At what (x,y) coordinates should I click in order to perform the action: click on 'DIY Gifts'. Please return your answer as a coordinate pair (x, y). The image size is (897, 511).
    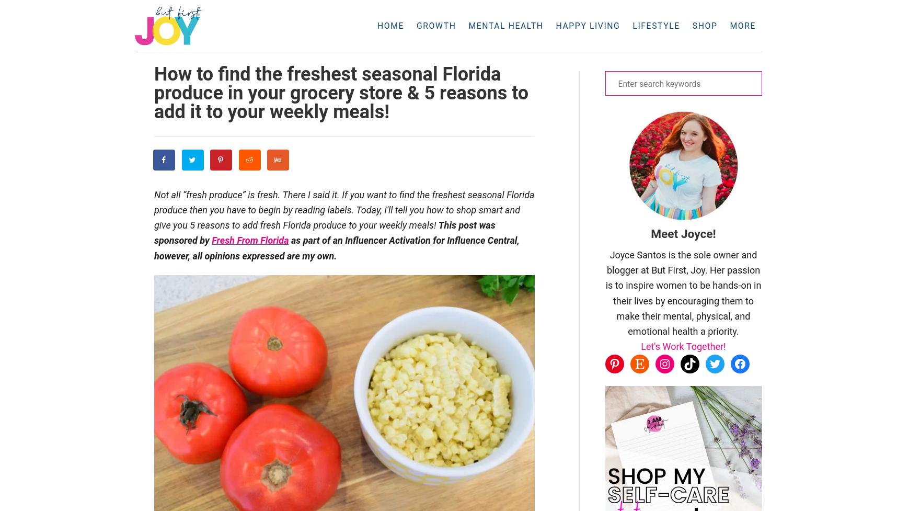
    Looking at the image, I should click on (605, 79).